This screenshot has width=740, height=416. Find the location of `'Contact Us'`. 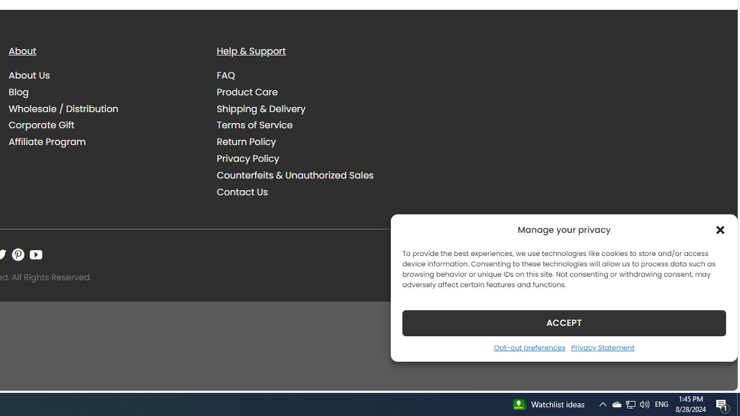

'Contact Us' is located at coordinates (312, 191).